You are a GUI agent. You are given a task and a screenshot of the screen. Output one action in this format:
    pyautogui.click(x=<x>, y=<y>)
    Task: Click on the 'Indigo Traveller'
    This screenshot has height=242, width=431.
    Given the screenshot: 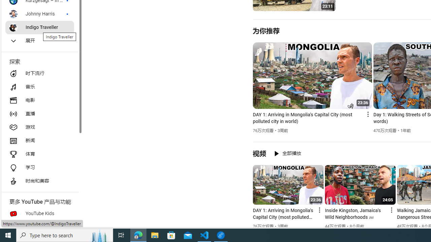 What is the action you would take?
    pyautogui.click(x=39, y=27)
    